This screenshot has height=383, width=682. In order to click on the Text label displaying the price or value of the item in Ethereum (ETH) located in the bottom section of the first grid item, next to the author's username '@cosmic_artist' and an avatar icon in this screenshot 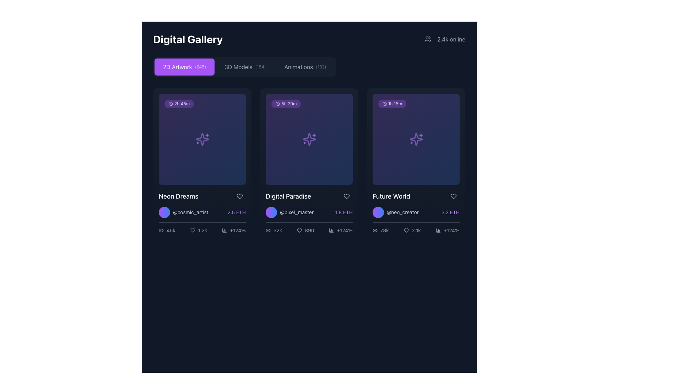, I will do `click(237, 212)`.